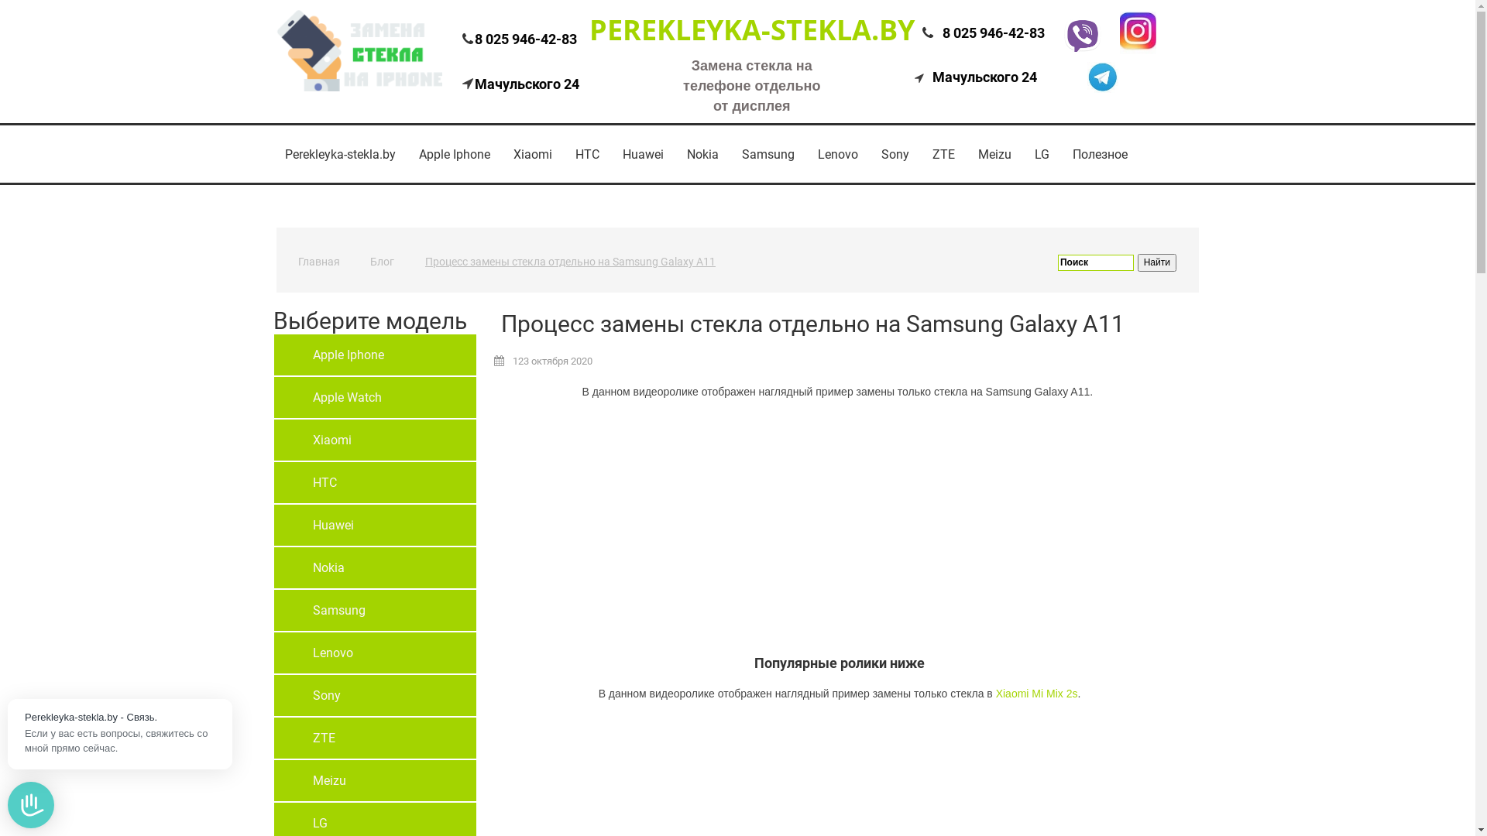  Describe the element at coordinates (374, 355) in the screenshot. I see `'Apple Iphone'` at that location.